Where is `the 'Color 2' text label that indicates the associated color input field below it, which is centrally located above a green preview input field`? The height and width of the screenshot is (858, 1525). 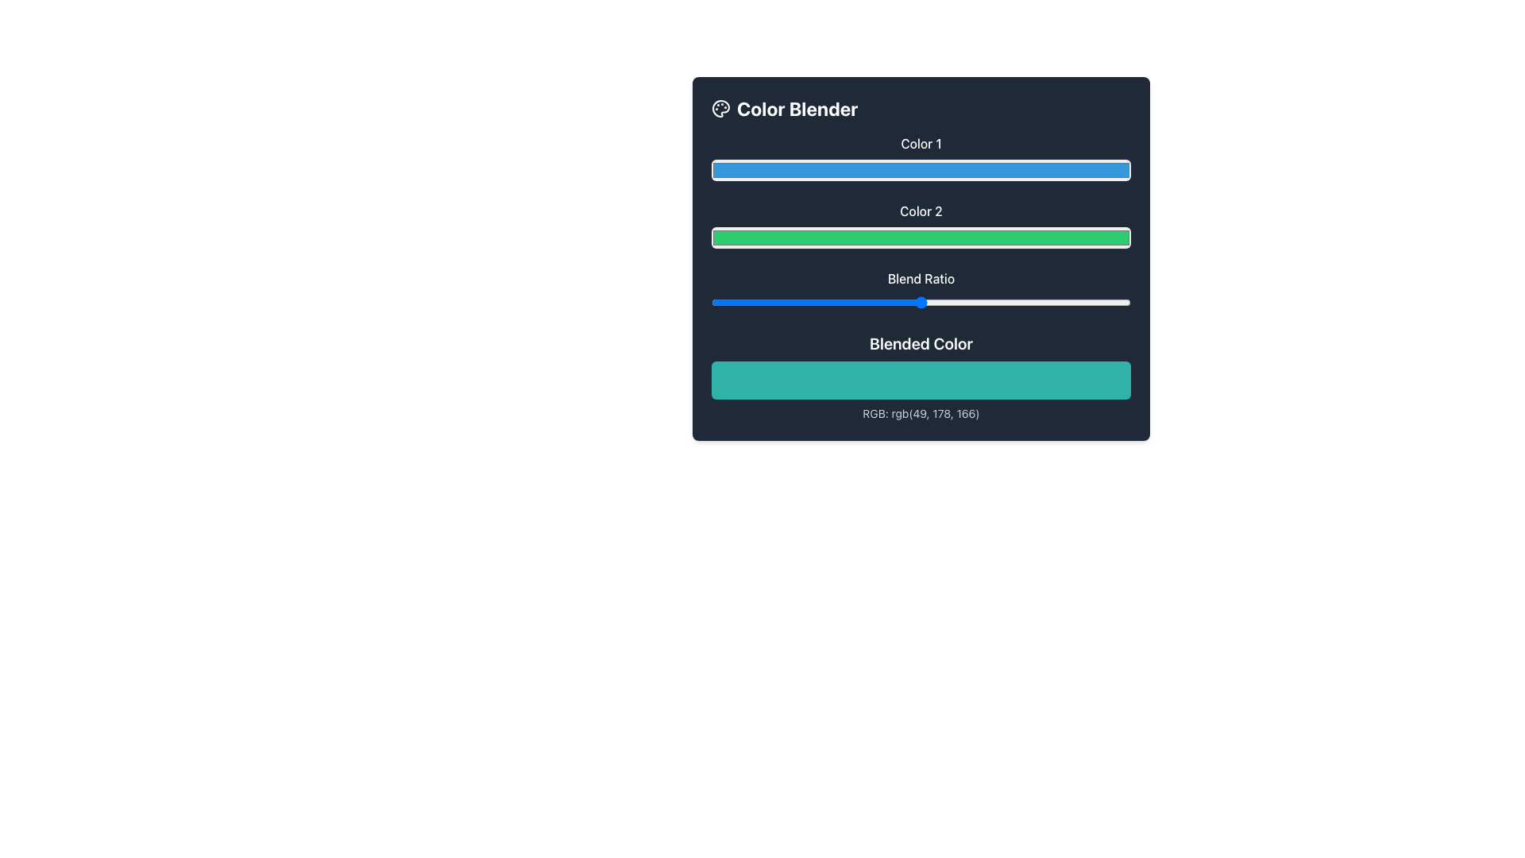 the 'Color 2' text label that indicates the associated color input field below it, which is centrally located above a green preview input field is located at coordinates (921, 211).